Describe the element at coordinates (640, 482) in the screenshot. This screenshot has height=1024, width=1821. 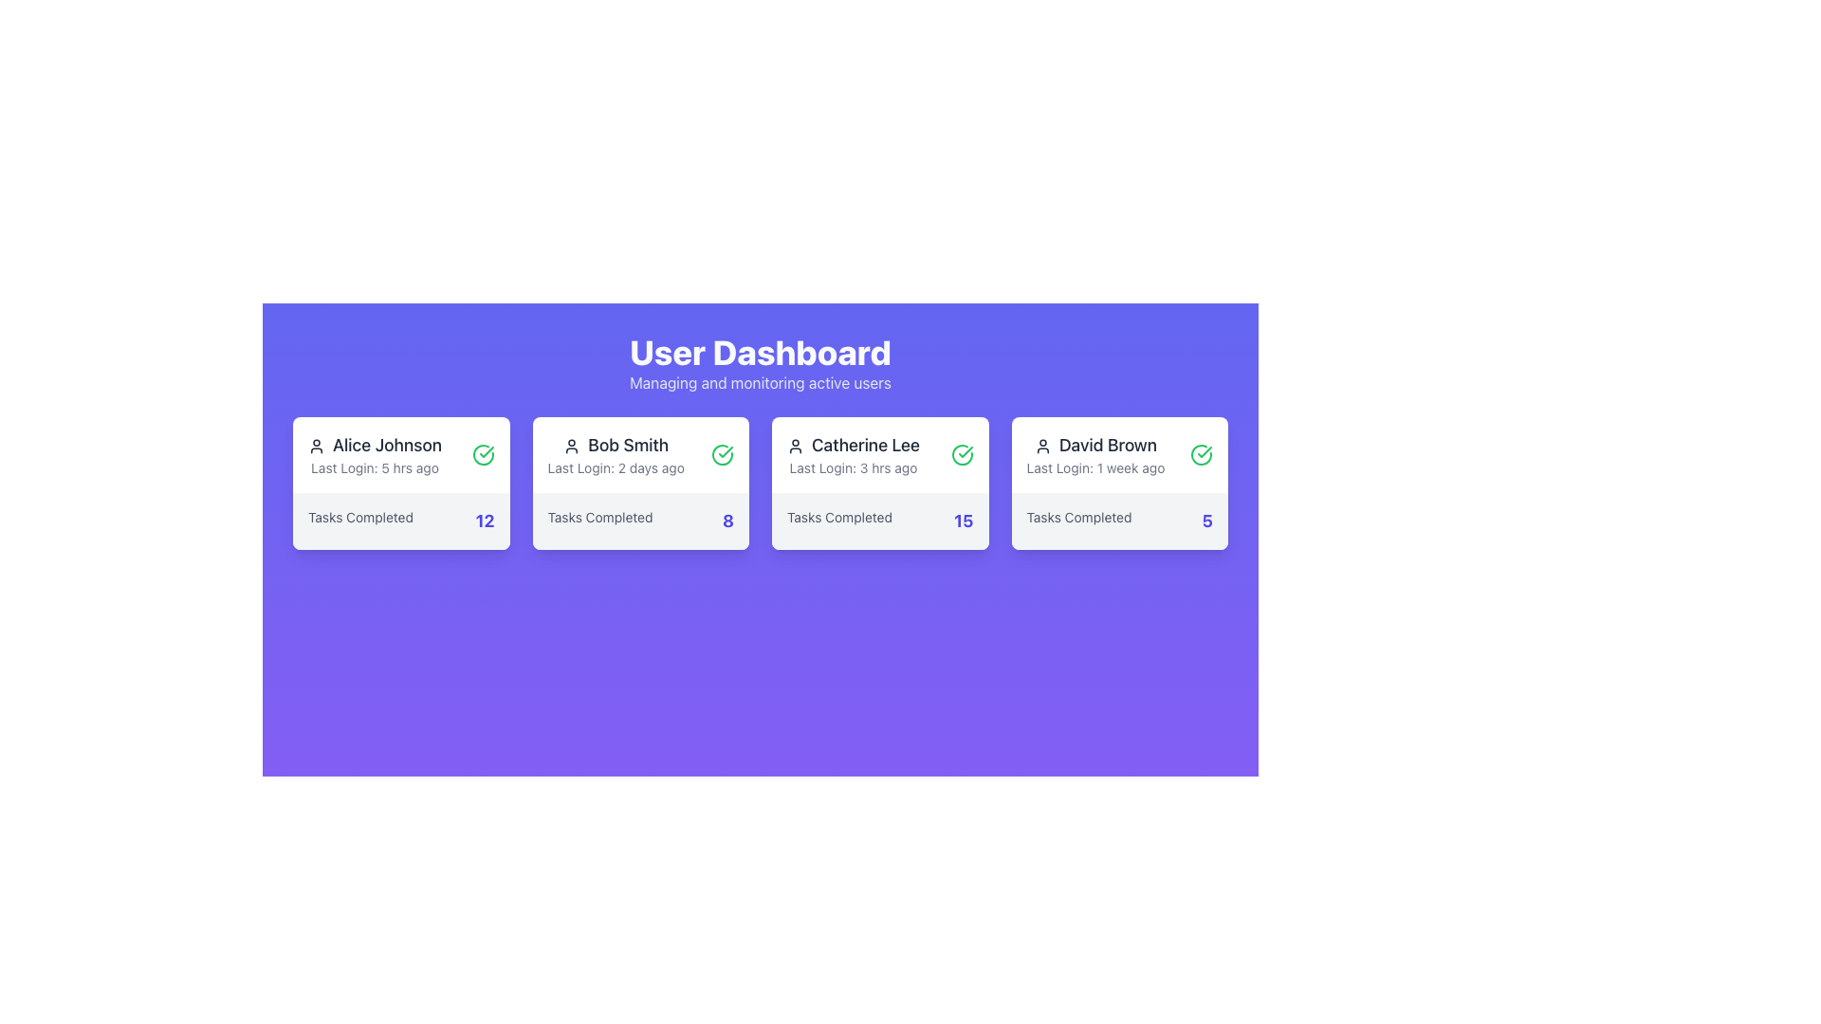
I see `the Informational card displaying 'Bob Smith' with the user silhouette icon, which is the second card in the grid` at that location.